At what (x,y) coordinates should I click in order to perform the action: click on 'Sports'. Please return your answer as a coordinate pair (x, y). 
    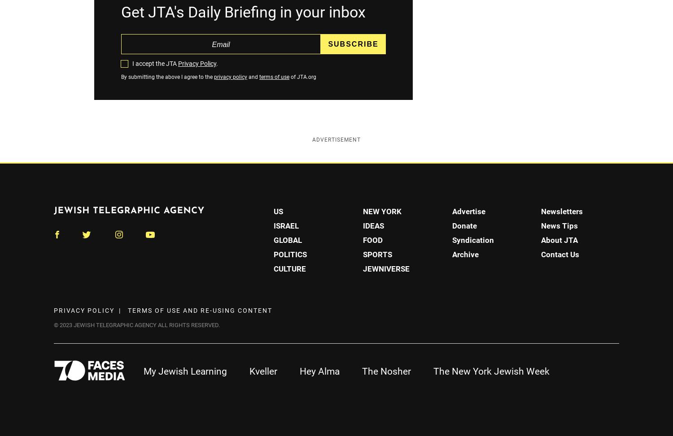
    Looking at the image, I should click on (376, 254).